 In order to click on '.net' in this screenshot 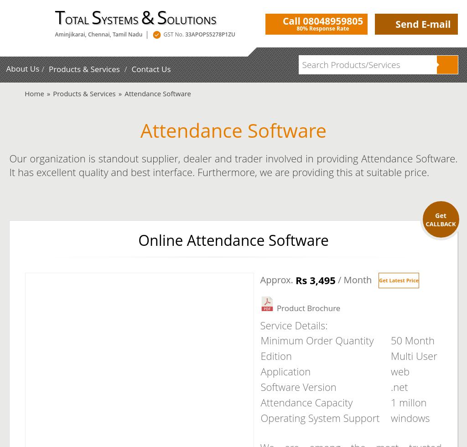, I will do `click(390, 386)`.